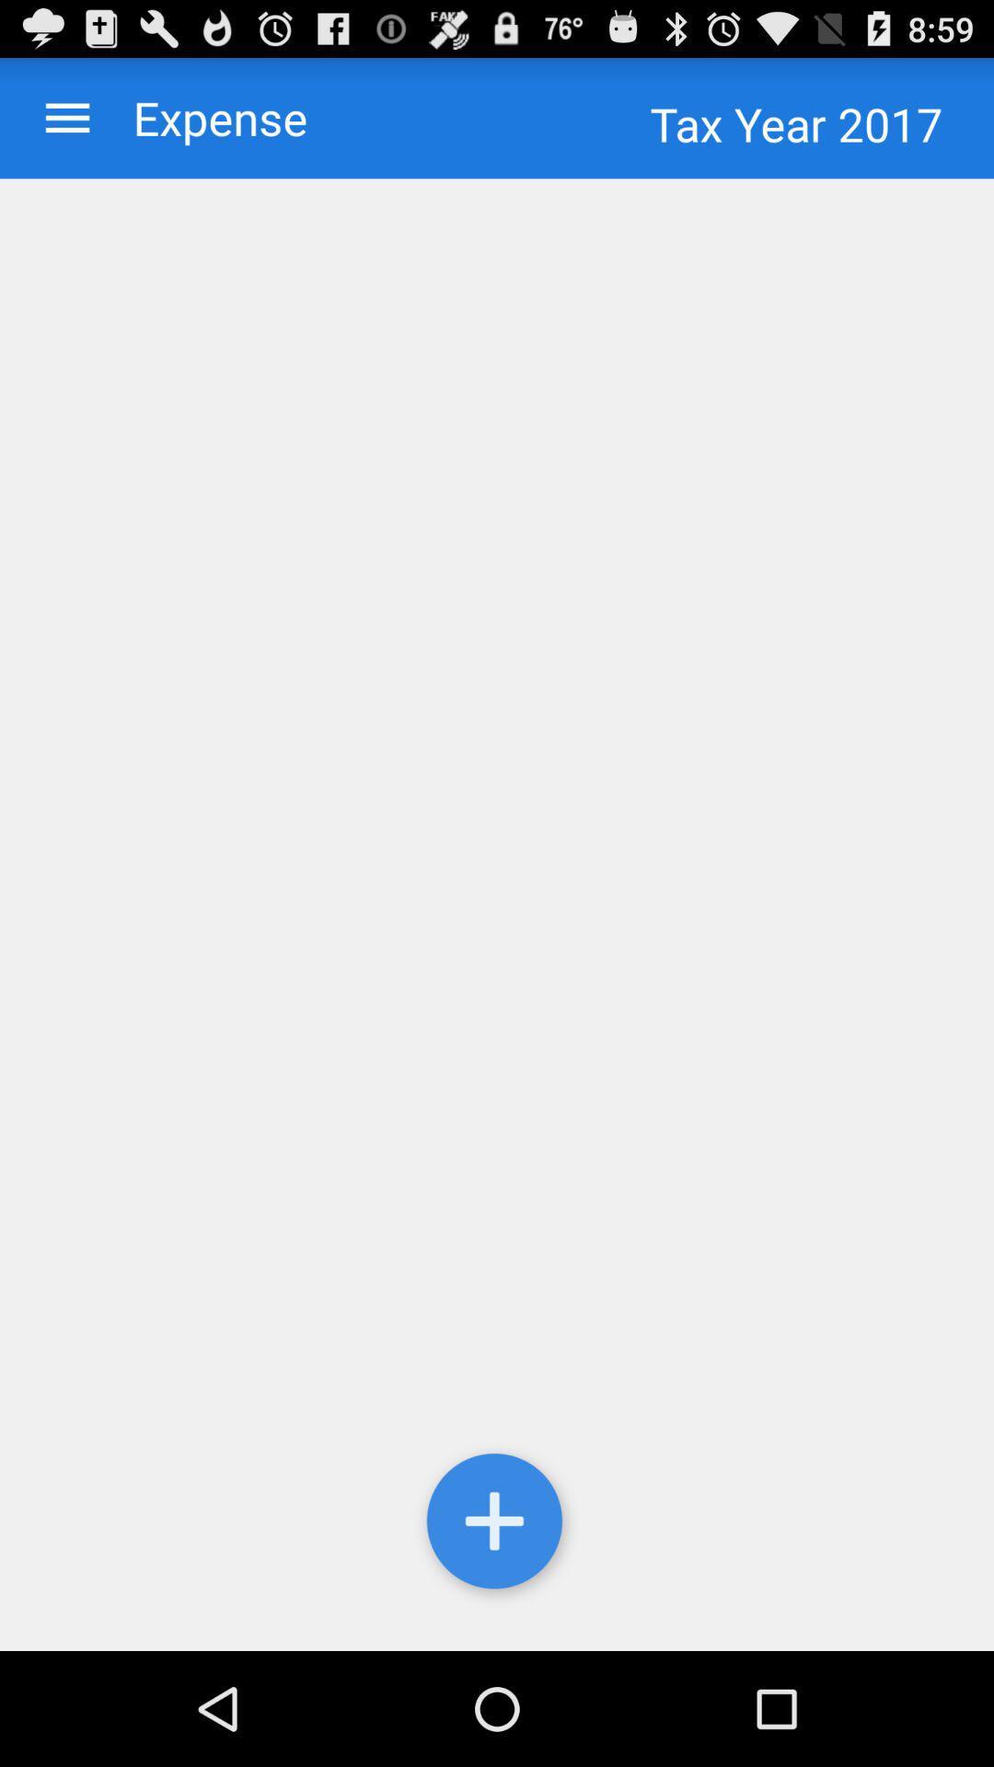  Describe the element at coordinates (497, 915) in the screenshot. I see `new expense` at that location.